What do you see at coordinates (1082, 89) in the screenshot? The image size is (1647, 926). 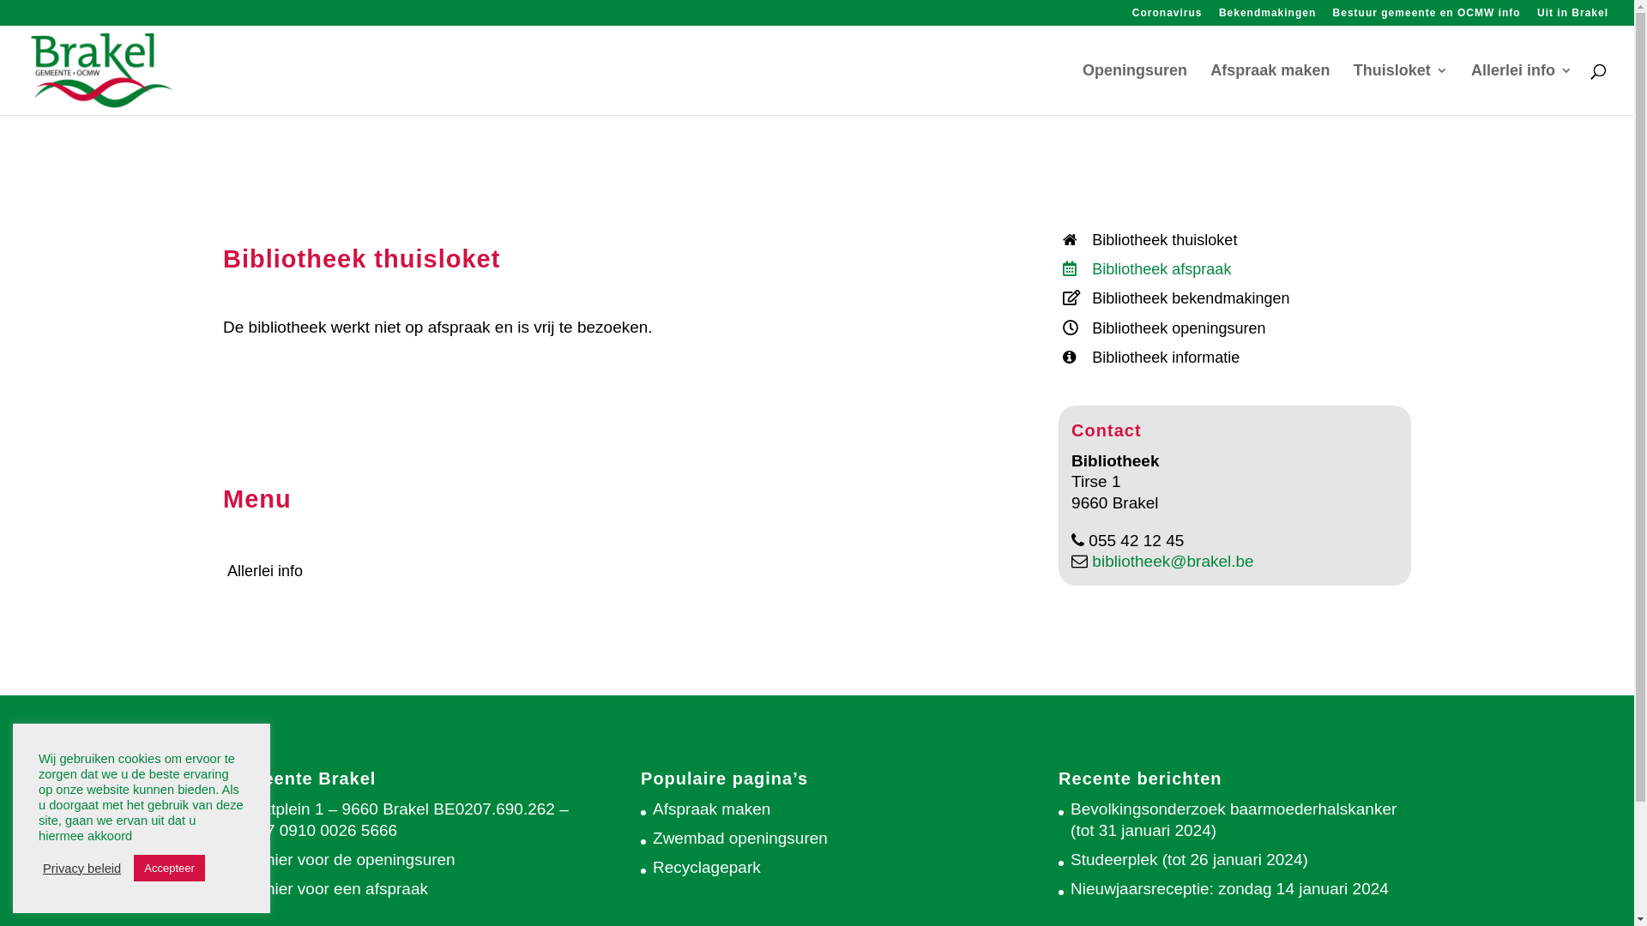 I see `'Openingsuren'` at bounding box center [1082, 89].